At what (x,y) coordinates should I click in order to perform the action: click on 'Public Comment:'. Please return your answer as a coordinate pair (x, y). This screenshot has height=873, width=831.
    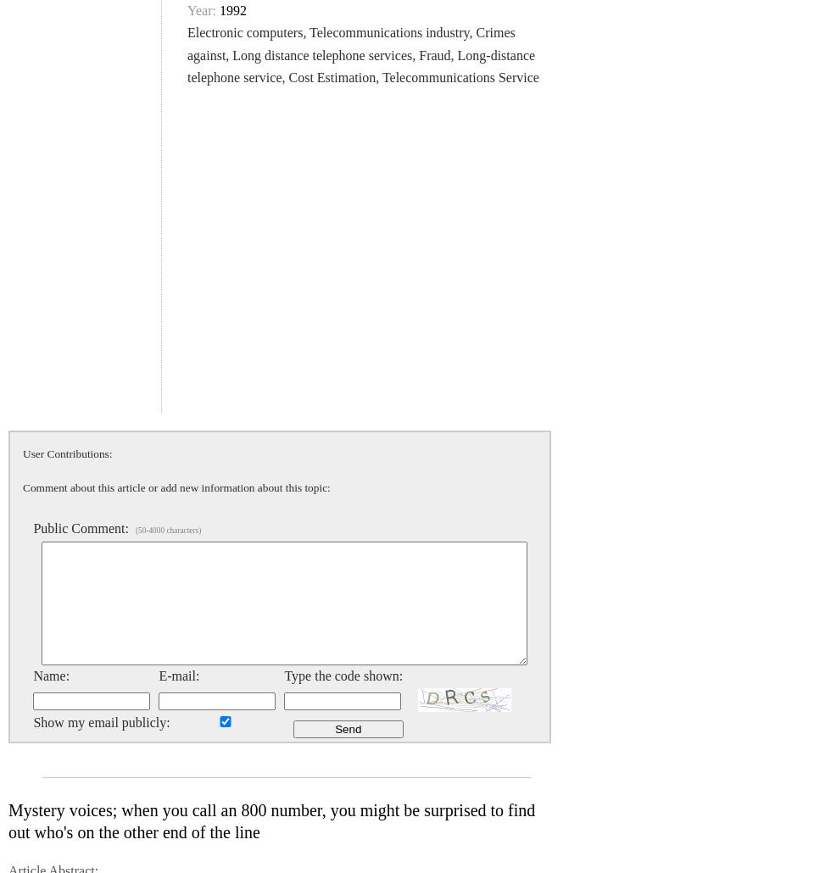
    Looking at the image, I should click on (83, 526).